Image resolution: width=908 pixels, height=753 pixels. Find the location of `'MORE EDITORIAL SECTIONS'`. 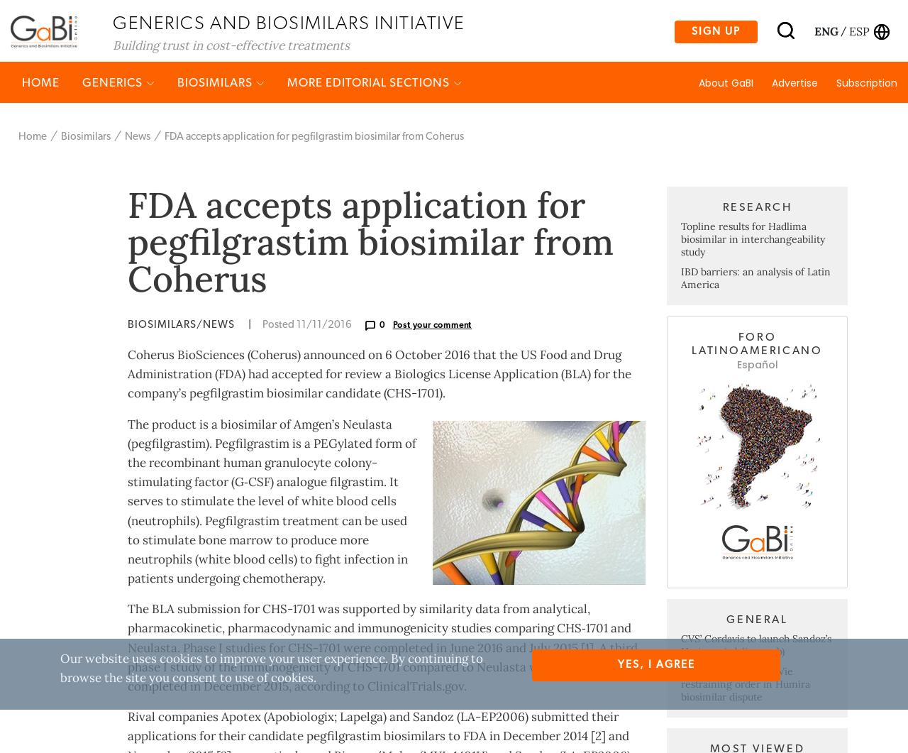

'MORE EDITORIAL SECTIONS' is located at coordinates (370, 137).